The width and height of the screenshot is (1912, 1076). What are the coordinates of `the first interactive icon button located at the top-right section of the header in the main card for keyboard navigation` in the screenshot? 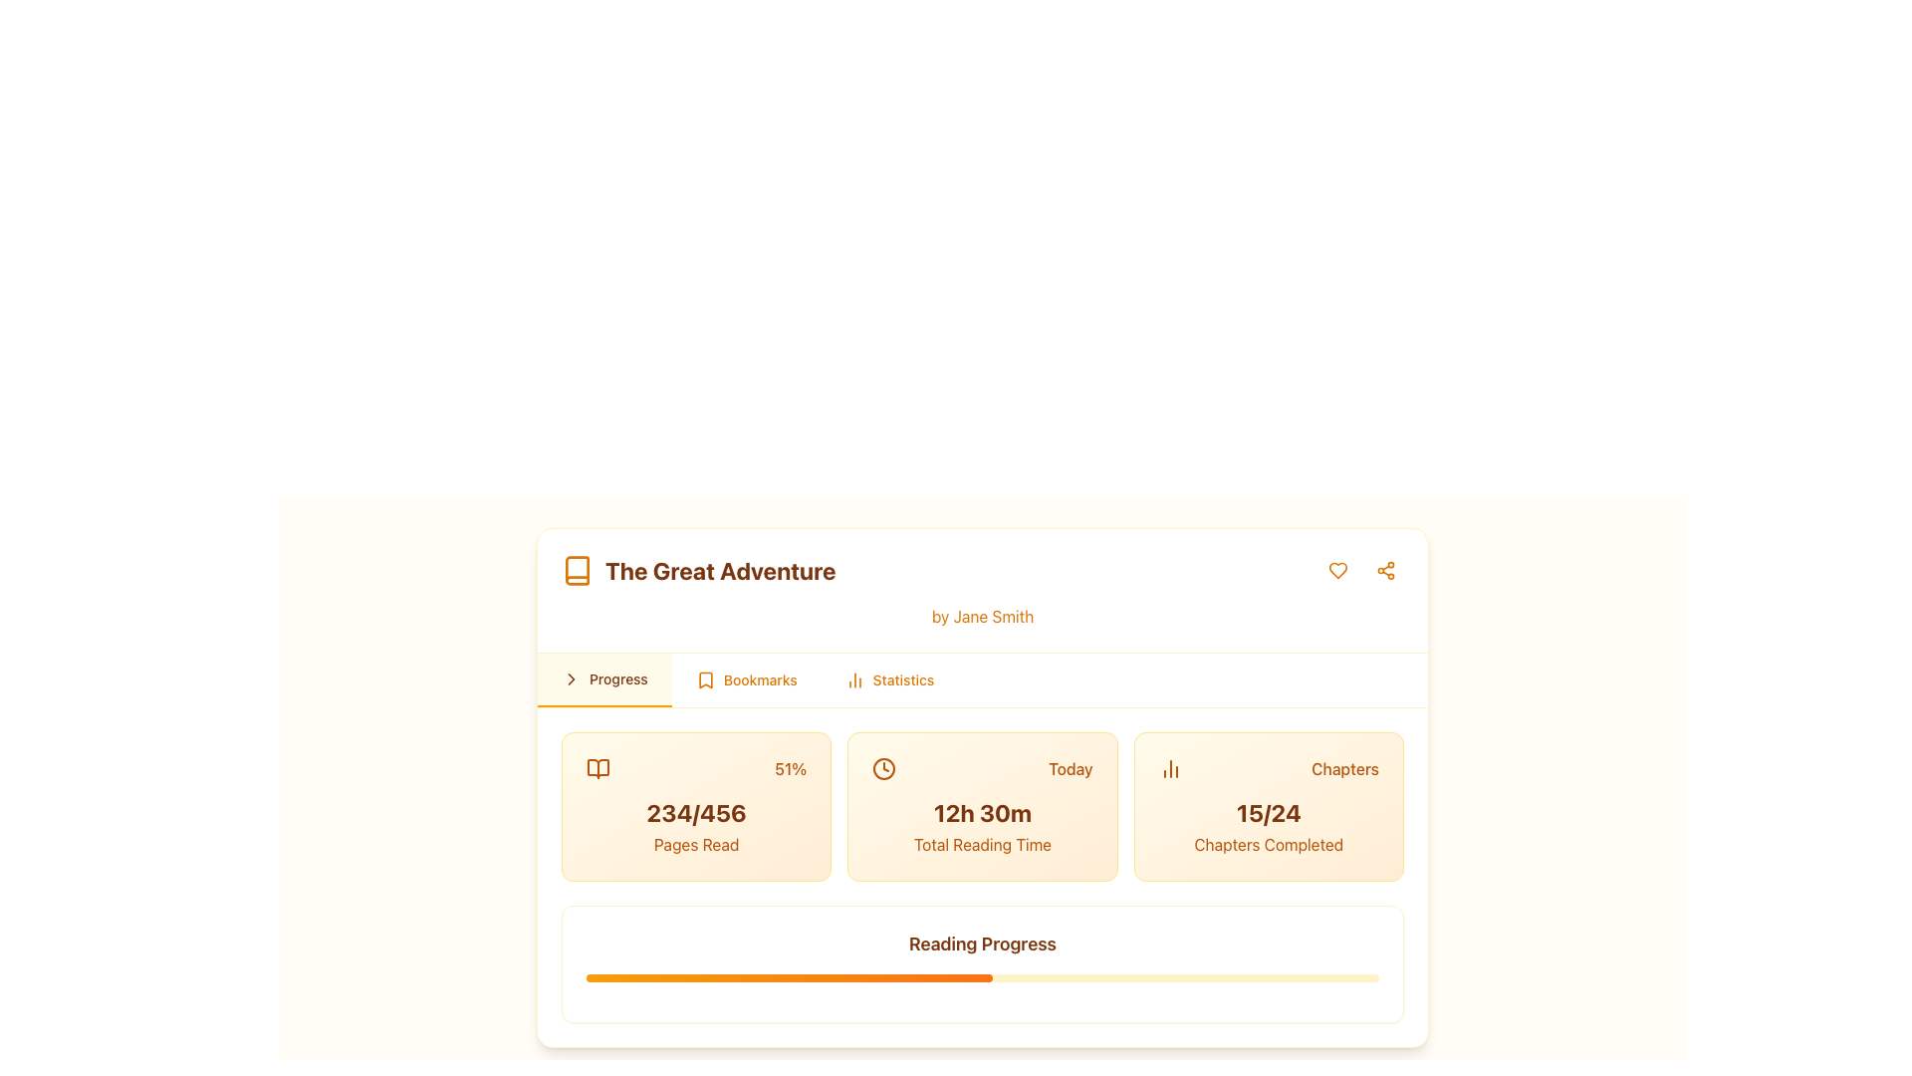 It's located at (1338, 571).